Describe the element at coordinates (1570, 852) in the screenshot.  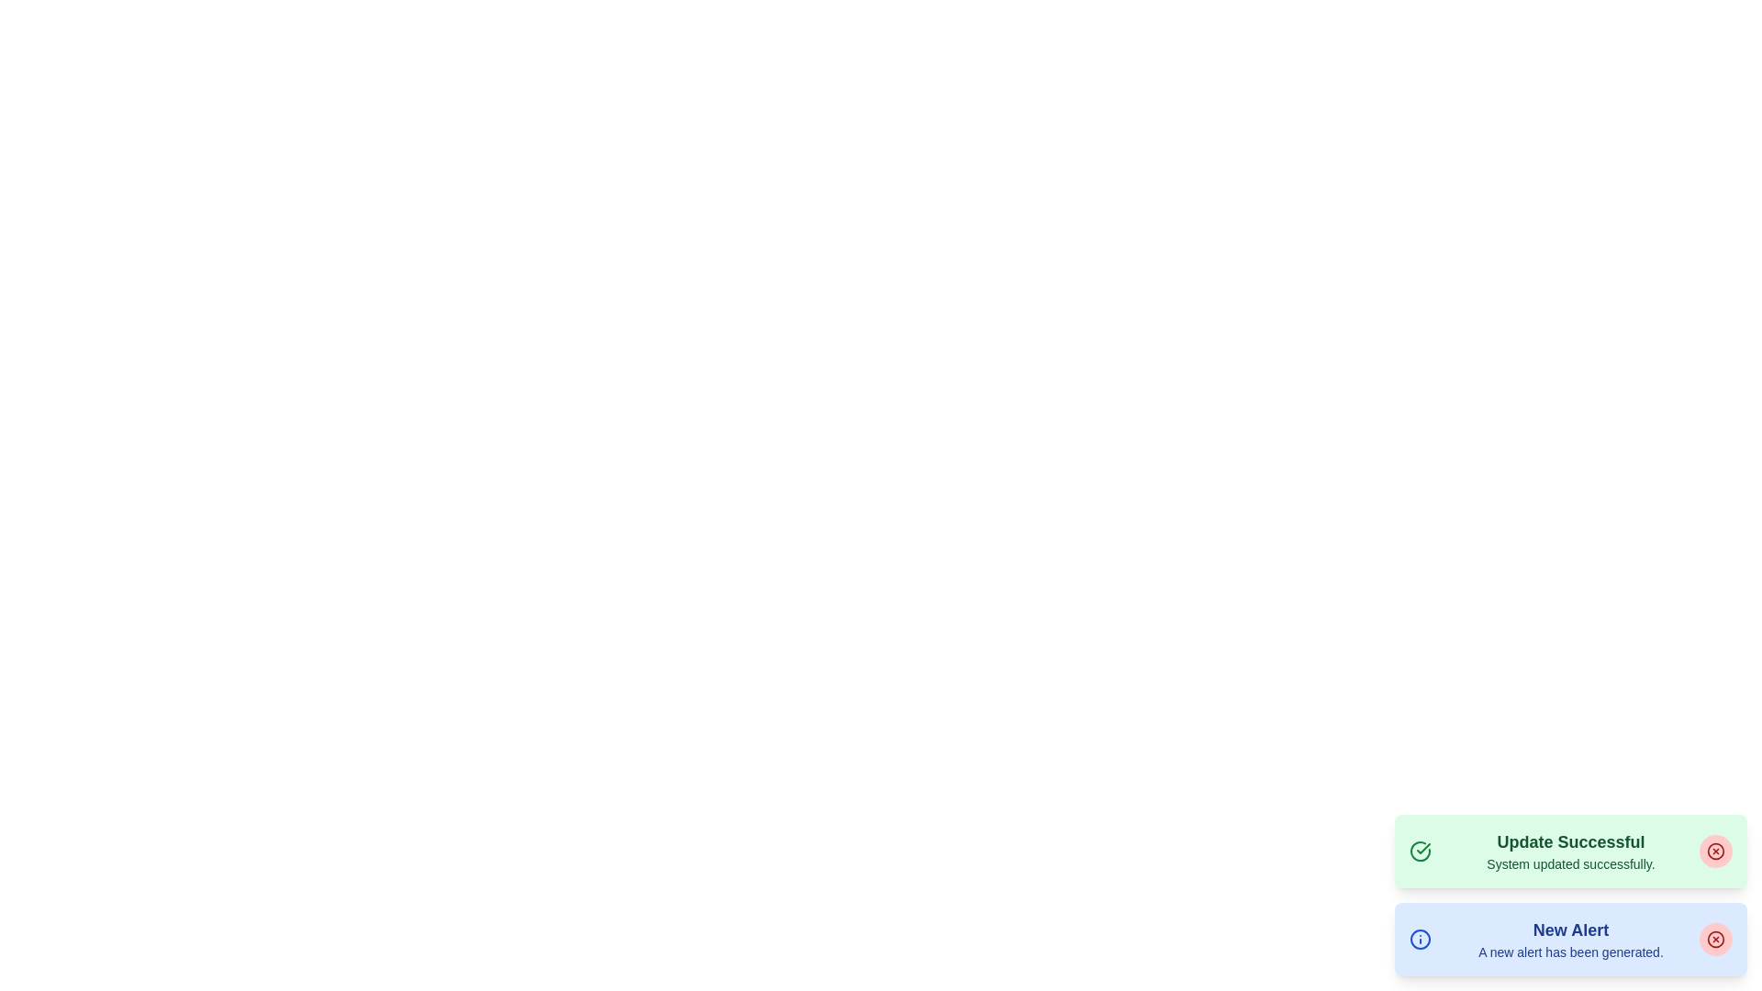
I see `the notification with title Update Successful` at that location.